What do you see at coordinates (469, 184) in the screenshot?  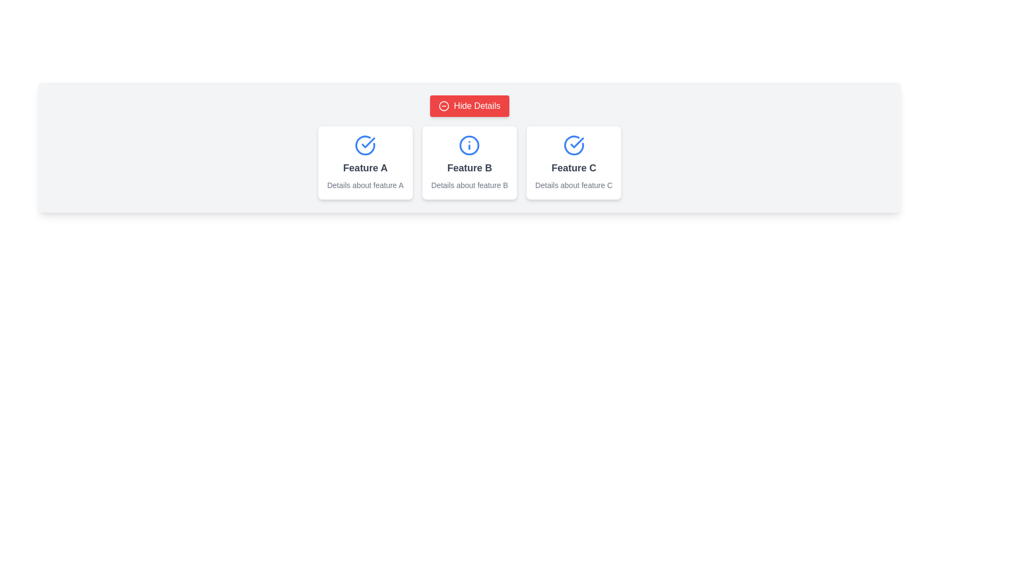 I see `the static text providing additional descriptive information about 'Feature B' located within the second card labeled 'Feature B' in the middle row` at bounding box center [469, 184].